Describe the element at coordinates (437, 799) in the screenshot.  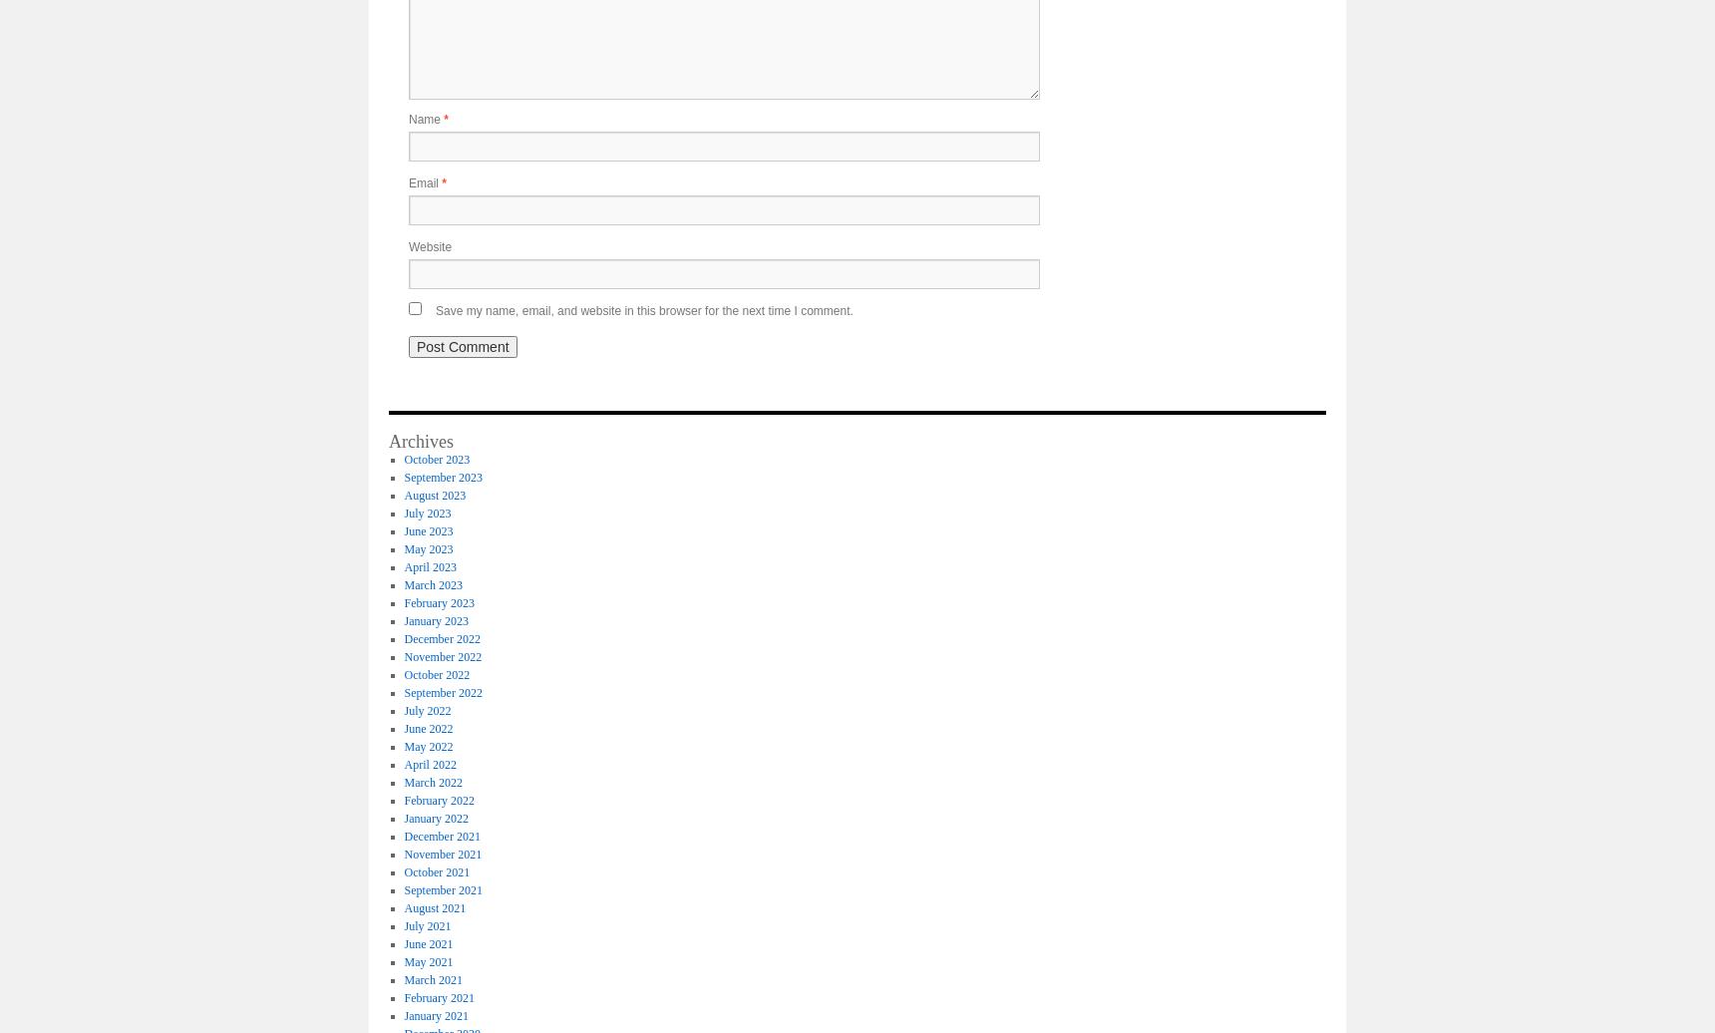
I see `'February 2022'` at that location.